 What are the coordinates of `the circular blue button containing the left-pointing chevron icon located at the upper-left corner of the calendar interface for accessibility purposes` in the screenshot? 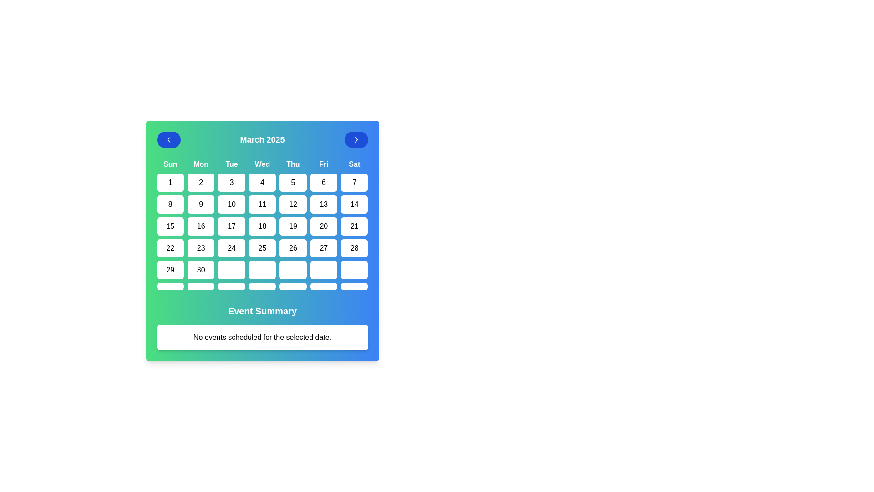 It's located at (168, 140).